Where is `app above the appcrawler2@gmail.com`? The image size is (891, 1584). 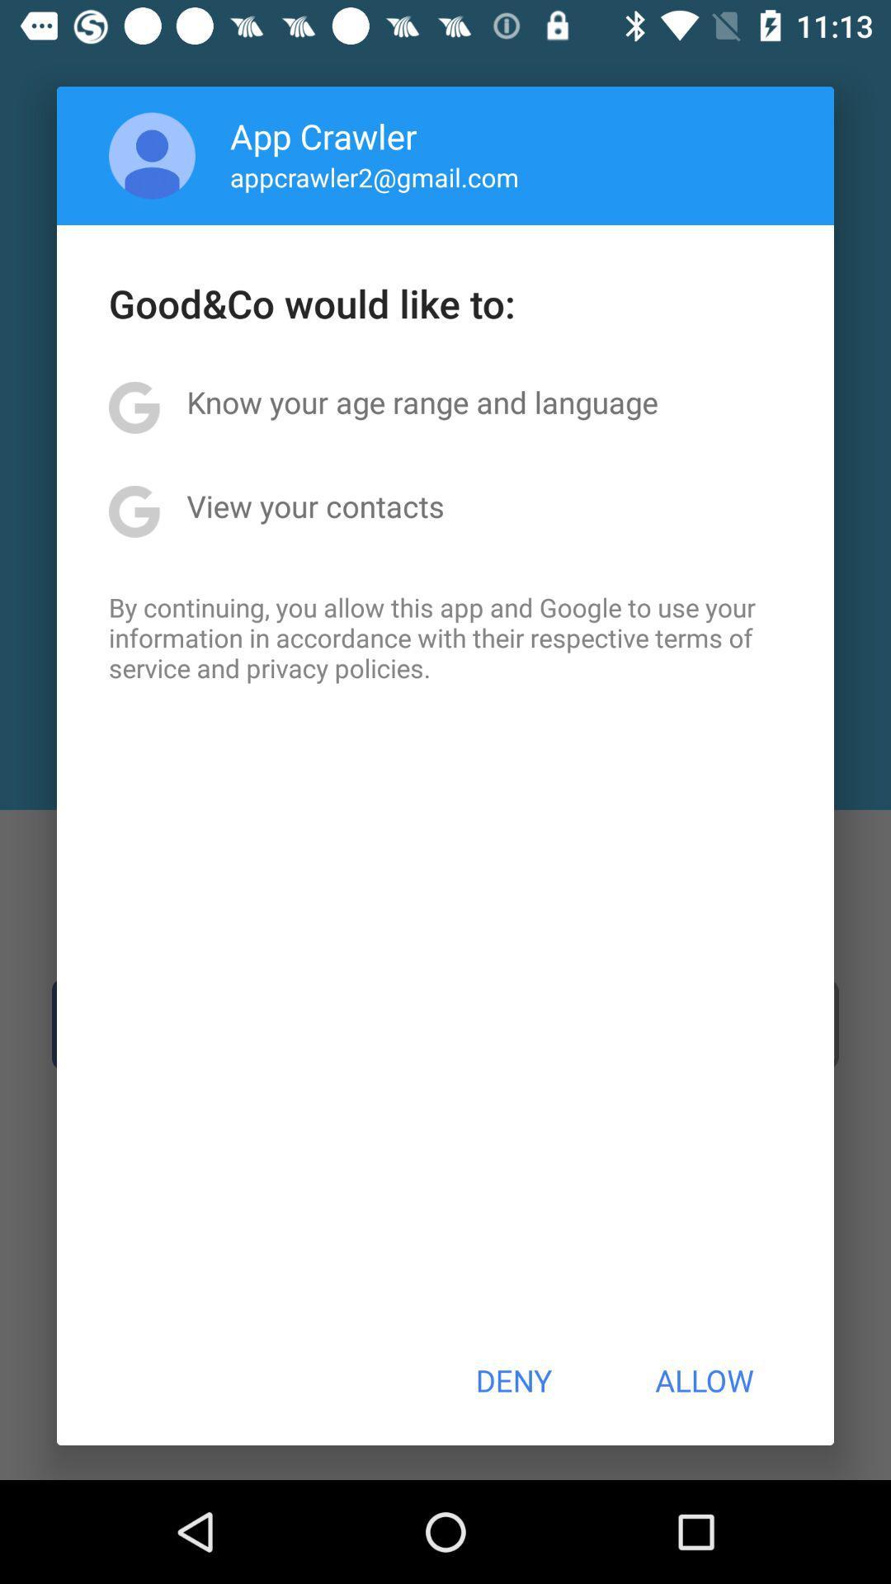
app above the appcrawler2@gmail.com is located at coordinates (323, 135).